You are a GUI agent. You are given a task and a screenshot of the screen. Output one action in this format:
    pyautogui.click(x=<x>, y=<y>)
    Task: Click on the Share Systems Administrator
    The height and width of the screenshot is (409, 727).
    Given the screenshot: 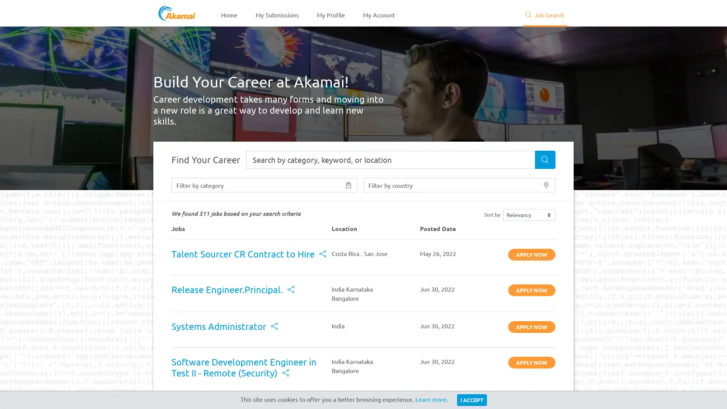 What is the action you would take?
    pyautogui.click(x=274, y=326)
    